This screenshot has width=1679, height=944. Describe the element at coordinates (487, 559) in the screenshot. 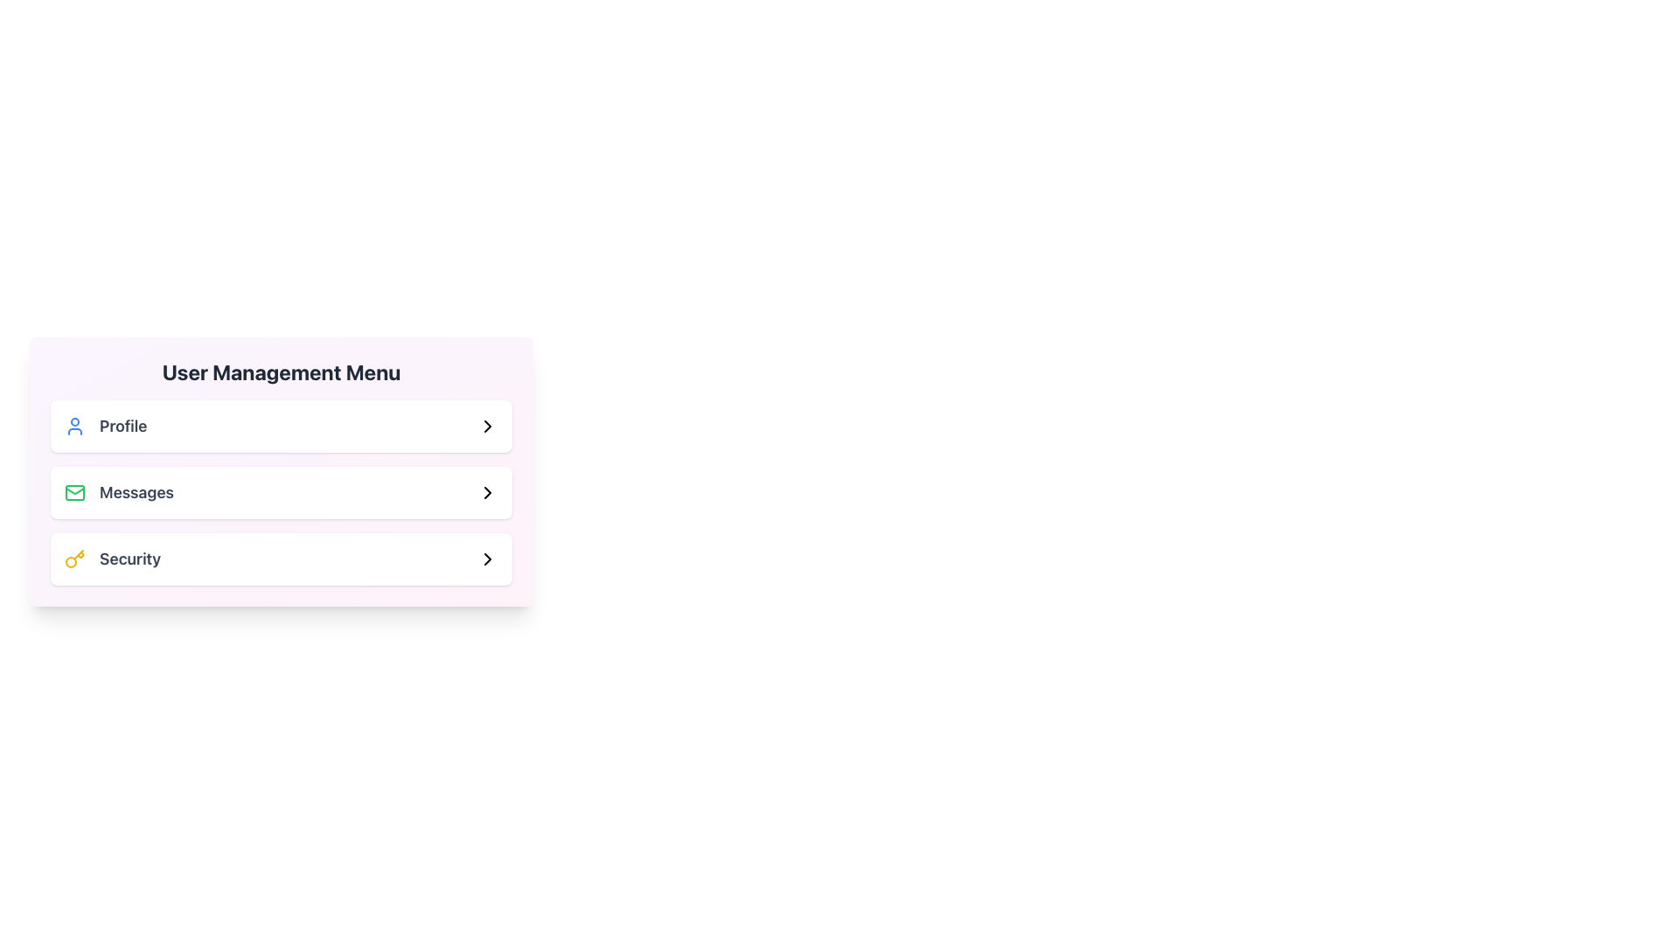

I see `the small rightward-pointing chevron arrow icon in the 'Security' menu item located on the far-right side` at that location.